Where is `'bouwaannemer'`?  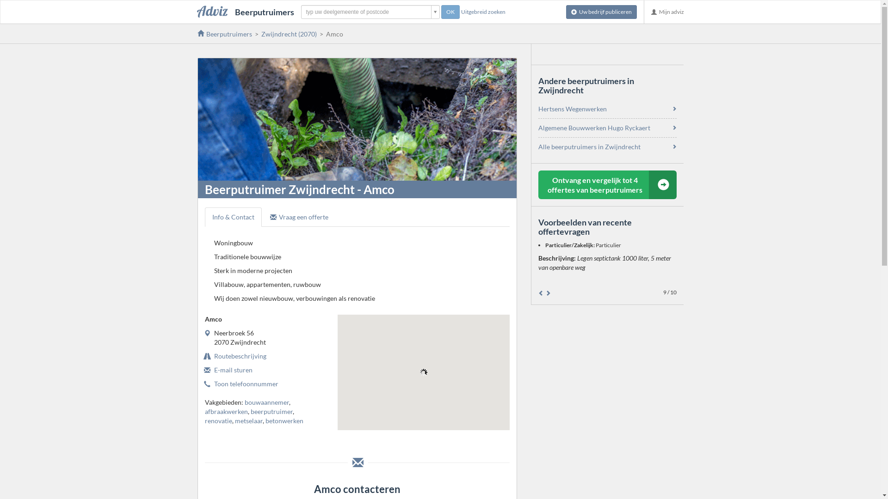
'bouwaannemer' is located at coordinates (244, 402).